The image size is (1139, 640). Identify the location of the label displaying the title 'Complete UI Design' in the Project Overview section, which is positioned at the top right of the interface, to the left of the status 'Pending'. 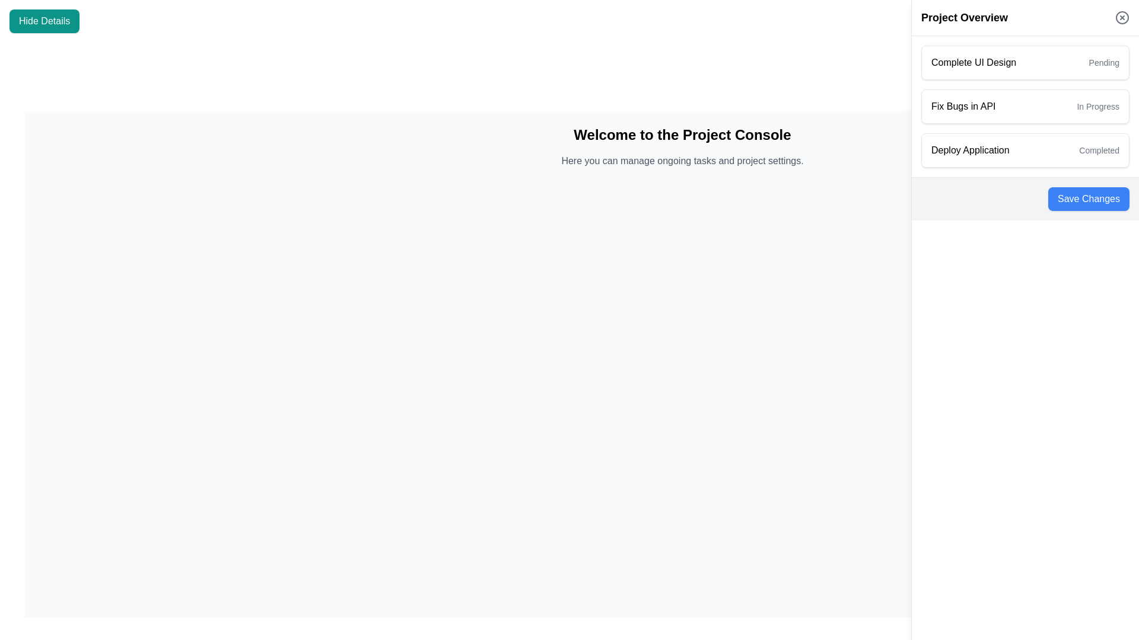
(973, 62).